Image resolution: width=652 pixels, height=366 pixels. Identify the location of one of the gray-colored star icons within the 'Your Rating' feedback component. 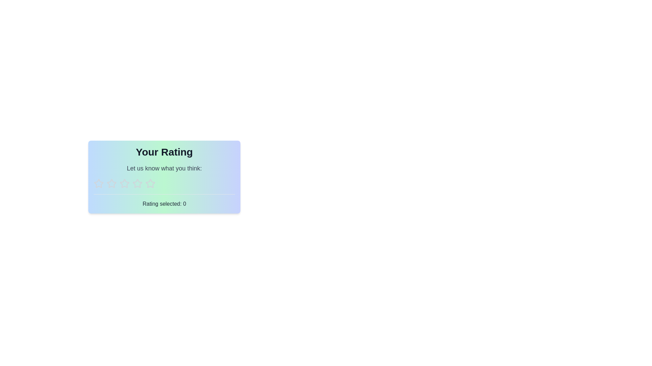
(164, 176).